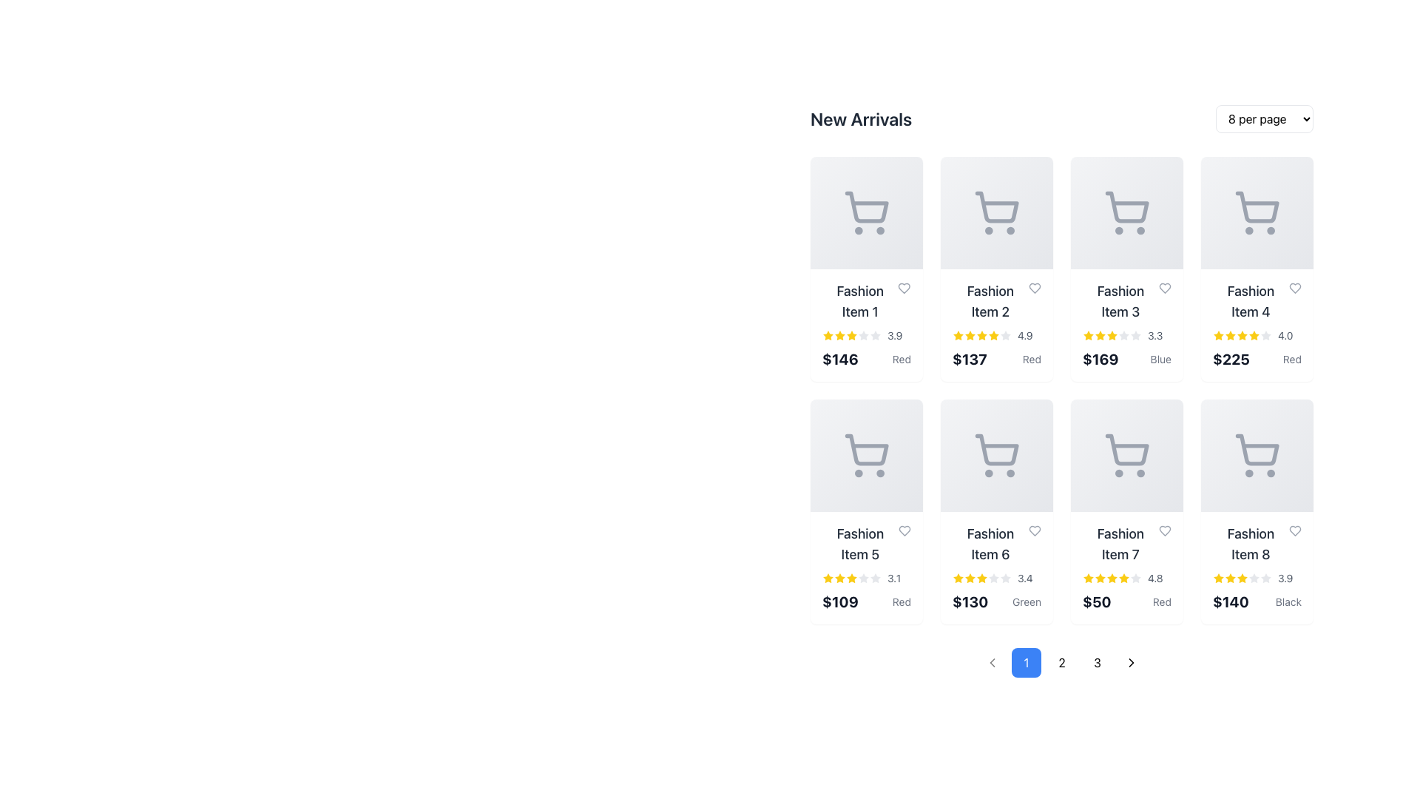 This screenshot has height=799, width=1420. I want to click on the heart icon located to the right of 'Fashion Item 7', so click(1163, 530).